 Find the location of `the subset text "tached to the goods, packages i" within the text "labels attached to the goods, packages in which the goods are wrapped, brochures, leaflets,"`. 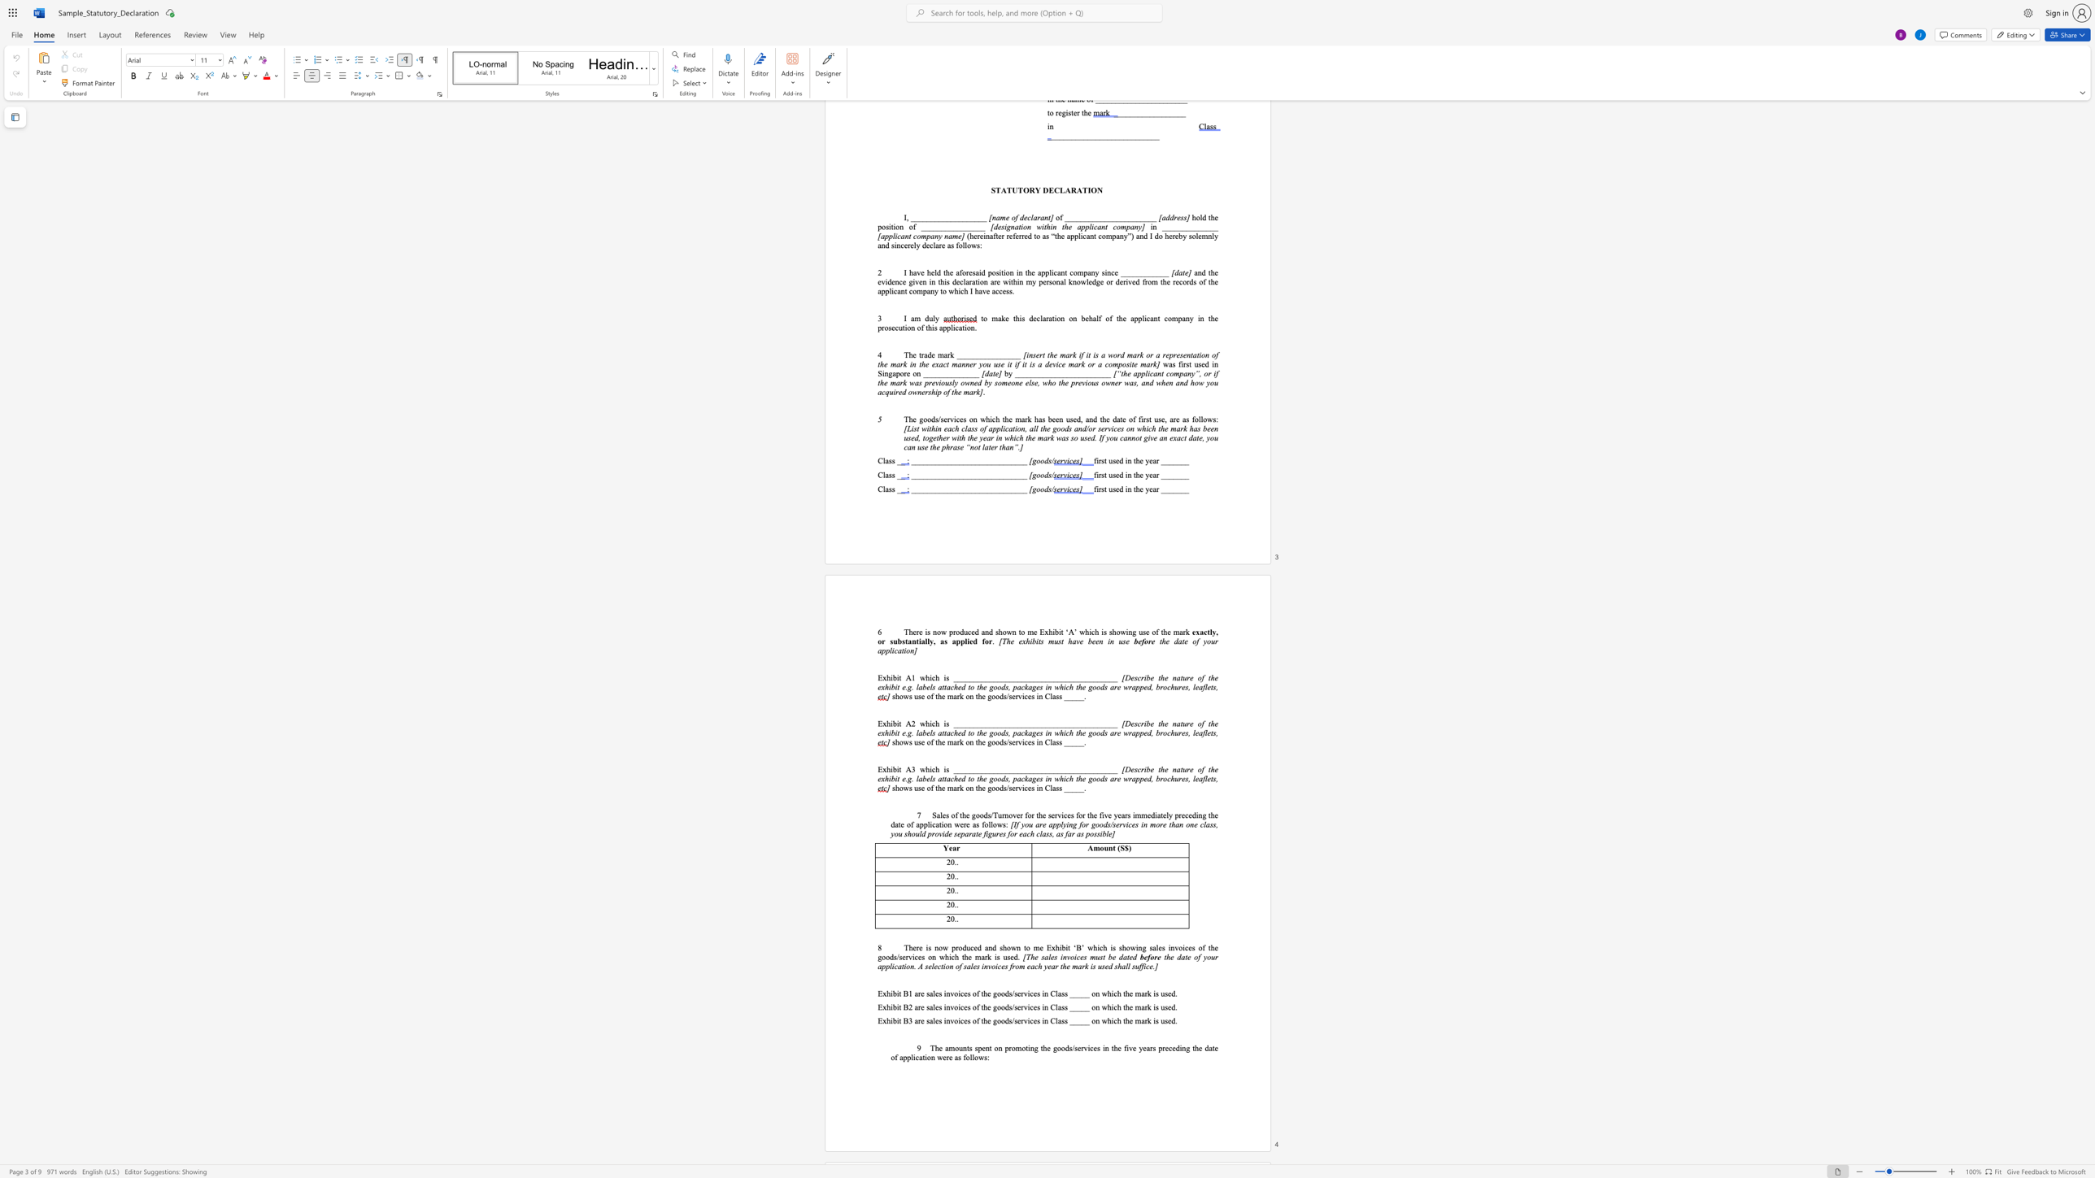

the subset text "tached to the goods, packages i" within the text "labels attached to the goods, packages in which the goods are wrapped, brochures, leaflets," is located at coordinates (943, 687).